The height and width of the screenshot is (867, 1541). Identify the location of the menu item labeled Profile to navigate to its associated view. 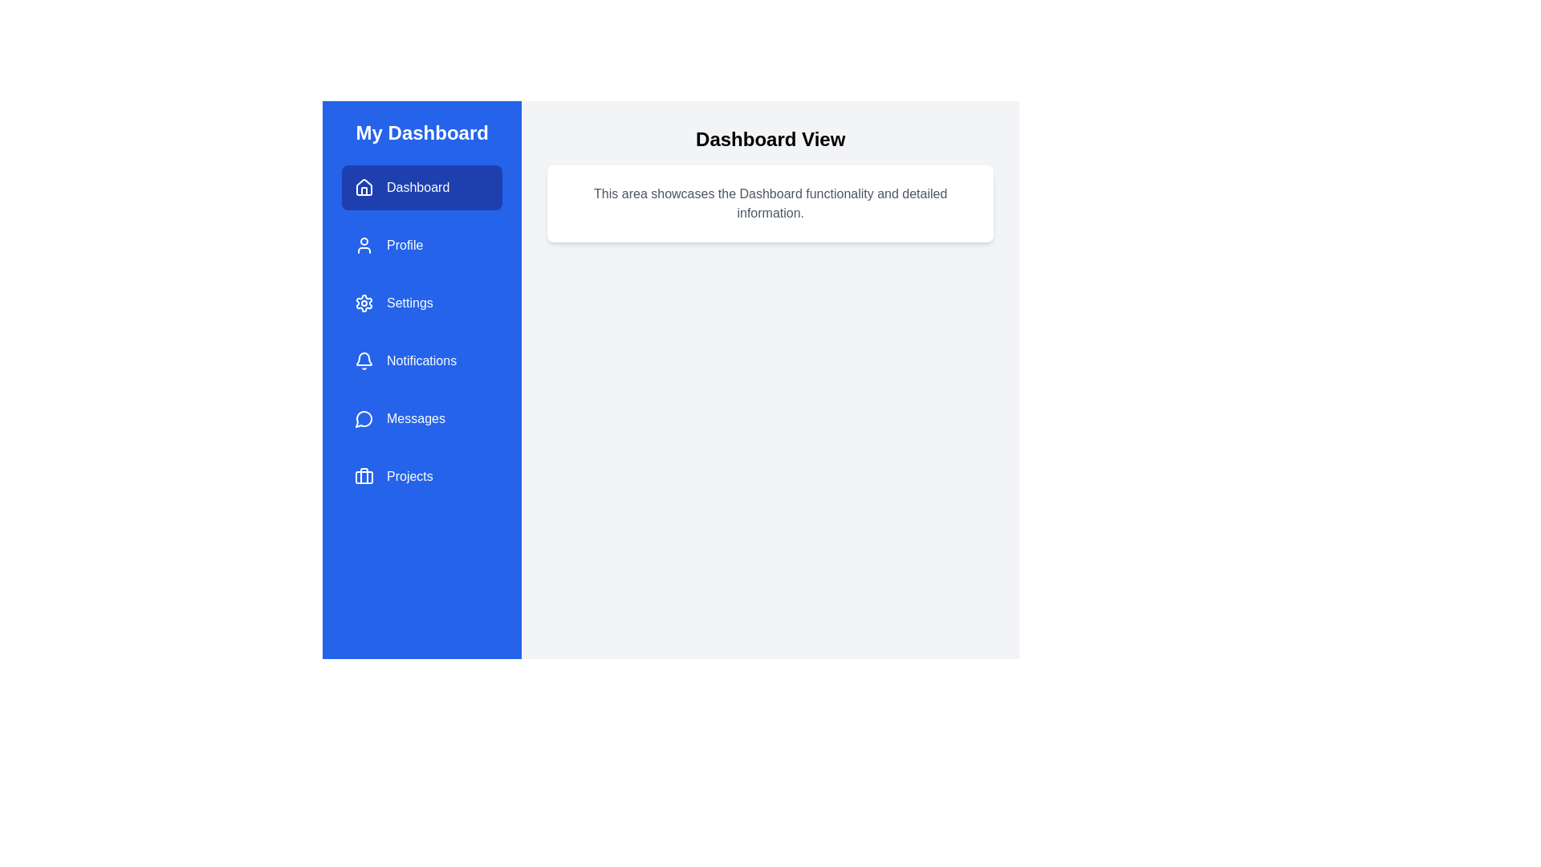
(422, 245).